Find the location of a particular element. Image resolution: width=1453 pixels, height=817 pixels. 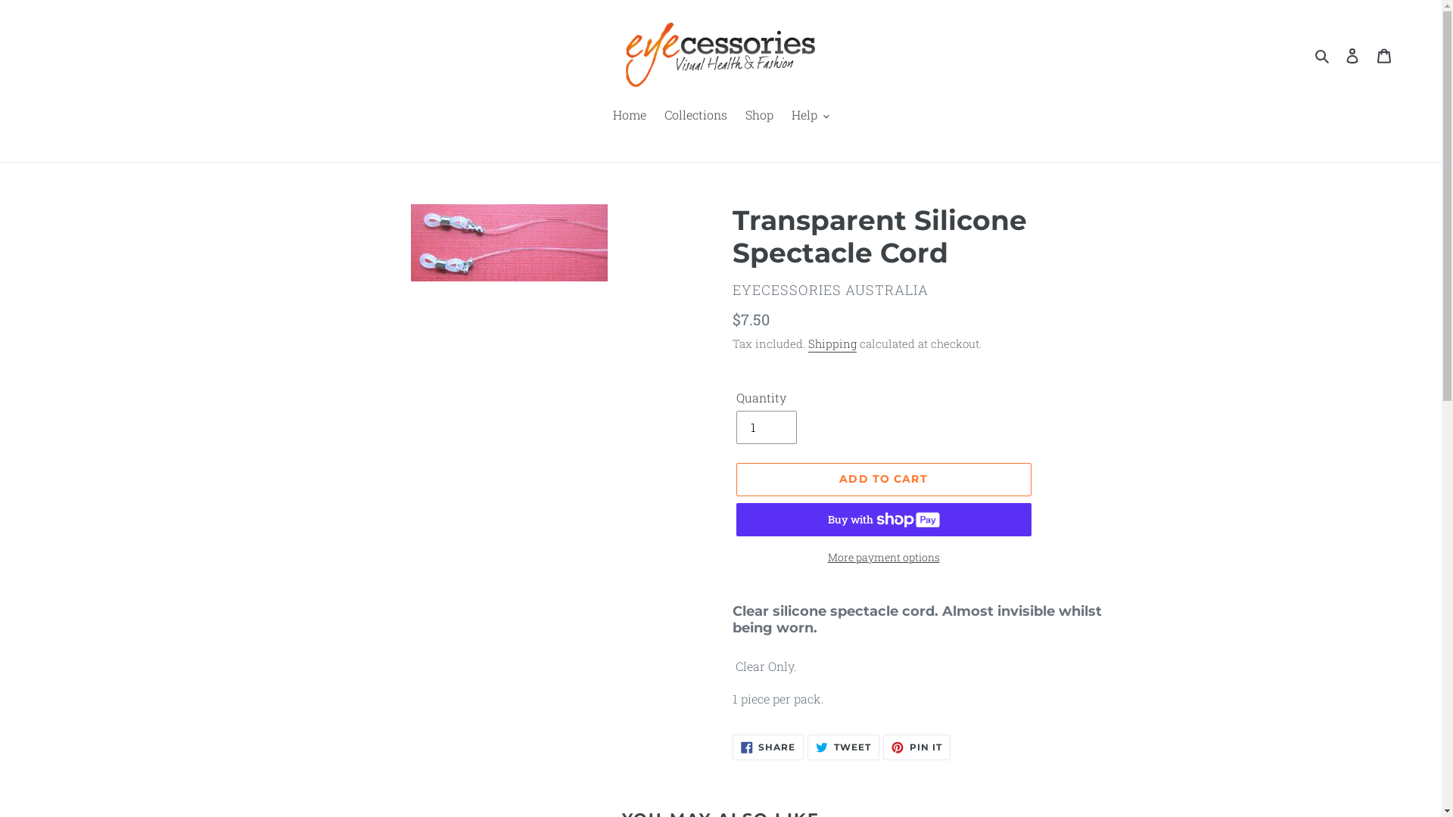

'TWEET is located at coordinates (842, 746).